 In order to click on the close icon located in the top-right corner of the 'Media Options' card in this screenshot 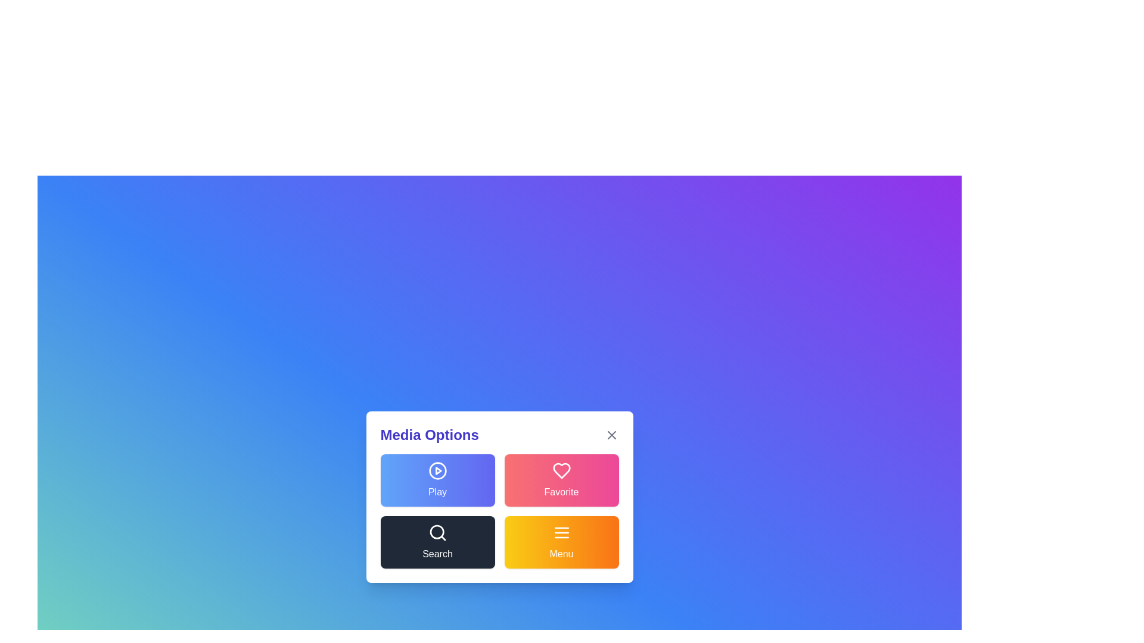, I will do `click(611, 435)`.